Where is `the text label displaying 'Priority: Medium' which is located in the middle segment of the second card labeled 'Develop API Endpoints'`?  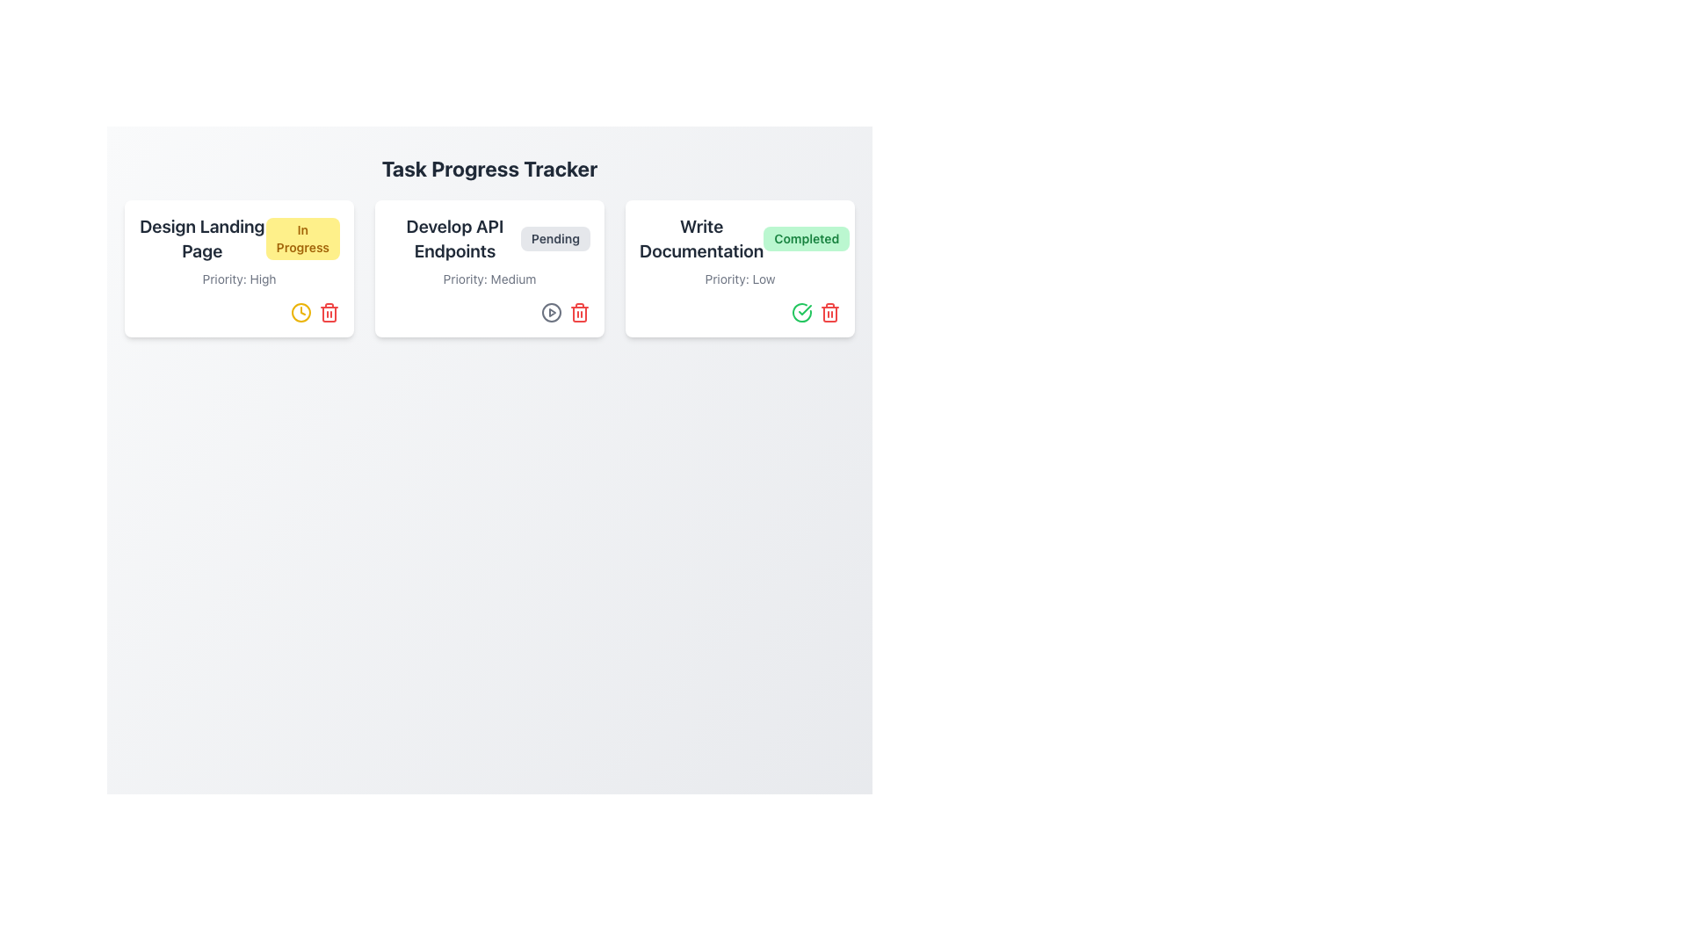
the text label displaying 'Priority: Medium' which is located in the middle segment of the second card labeled 'Develop API Endpoints' is located at coordinates (489, 278).